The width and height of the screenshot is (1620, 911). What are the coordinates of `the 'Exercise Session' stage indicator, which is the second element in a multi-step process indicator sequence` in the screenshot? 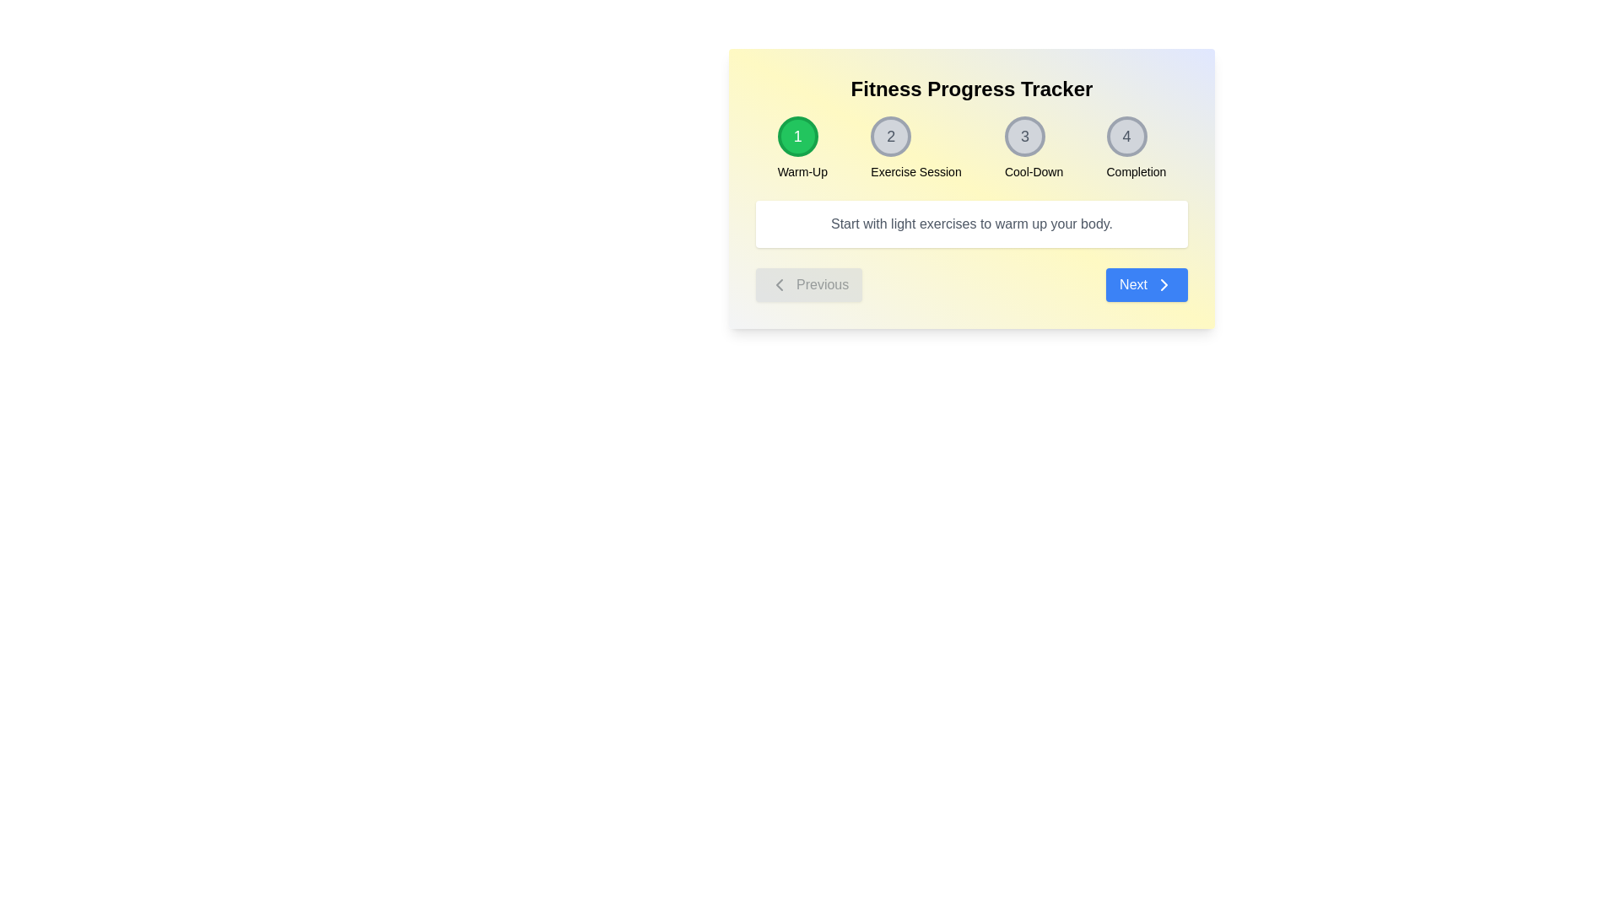 It's located at (915, 148).